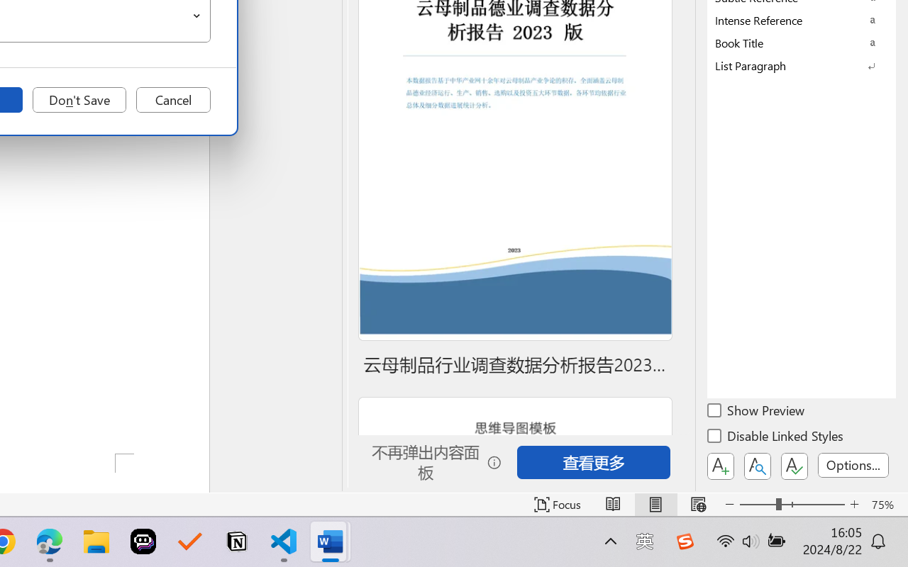 This screenshot has width=908, height=567. What do you see at coordinates (776, 438) in the screenshot?
I see `'Disable Linked Styles'` at bounding box center [776, 438].